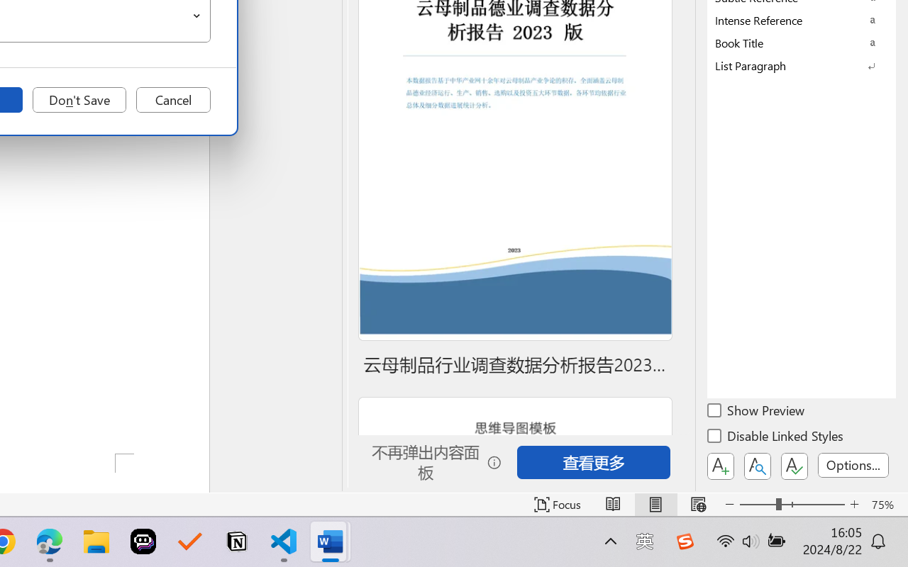 This screenshot has width=908, height=567. What do you see at coordinates (776, 438) in the screenshot?
I see `'Disable Linked Styles'` at bounding box center [776, 438].